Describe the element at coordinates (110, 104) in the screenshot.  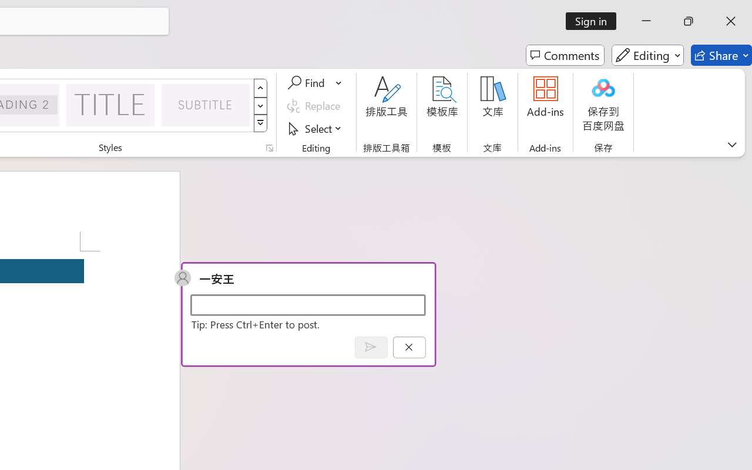
I see `'Title'` at that location.